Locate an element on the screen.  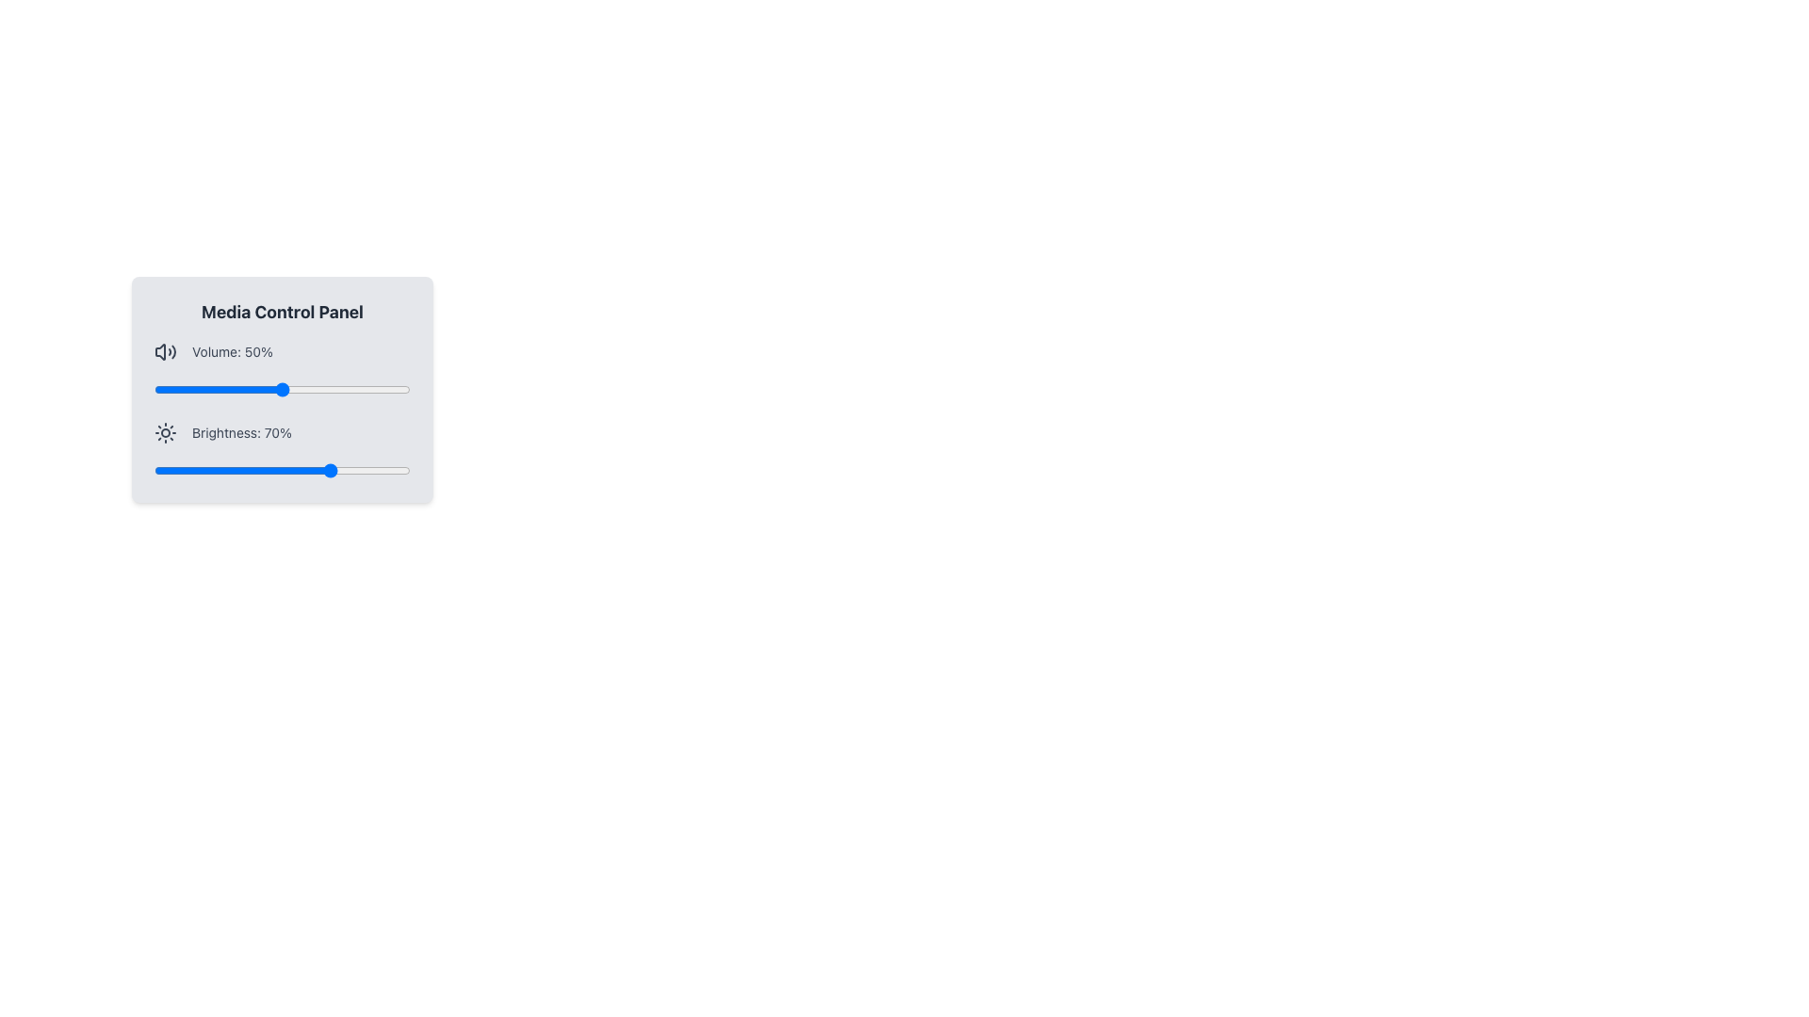
brightness is located at coordinates (302, 470).